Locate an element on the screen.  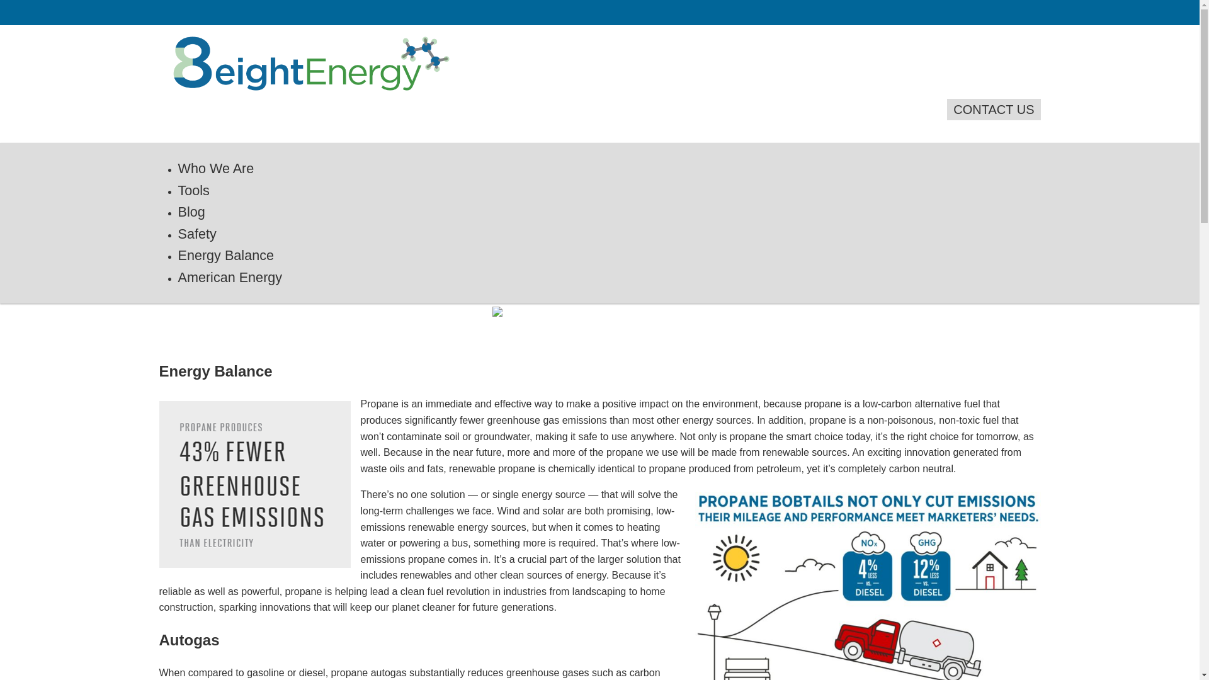
'CONTACT US' is located at coordinates (946, 108).